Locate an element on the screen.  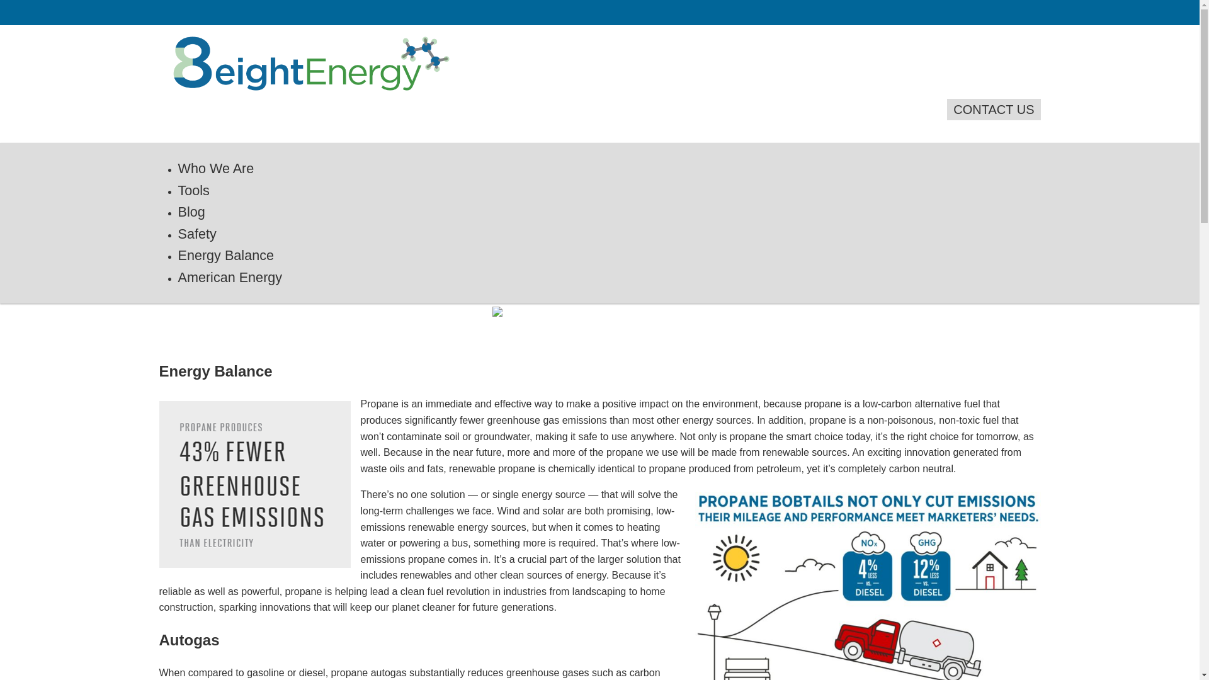
'CONTACT US' is located at coordinates (946, 108).